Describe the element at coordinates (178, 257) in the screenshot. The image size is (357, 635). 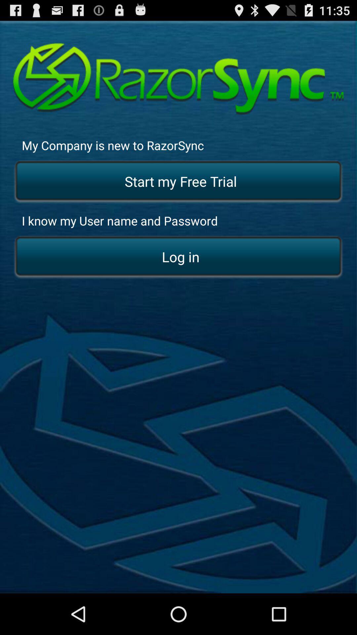
I see `log in icon` at that location.